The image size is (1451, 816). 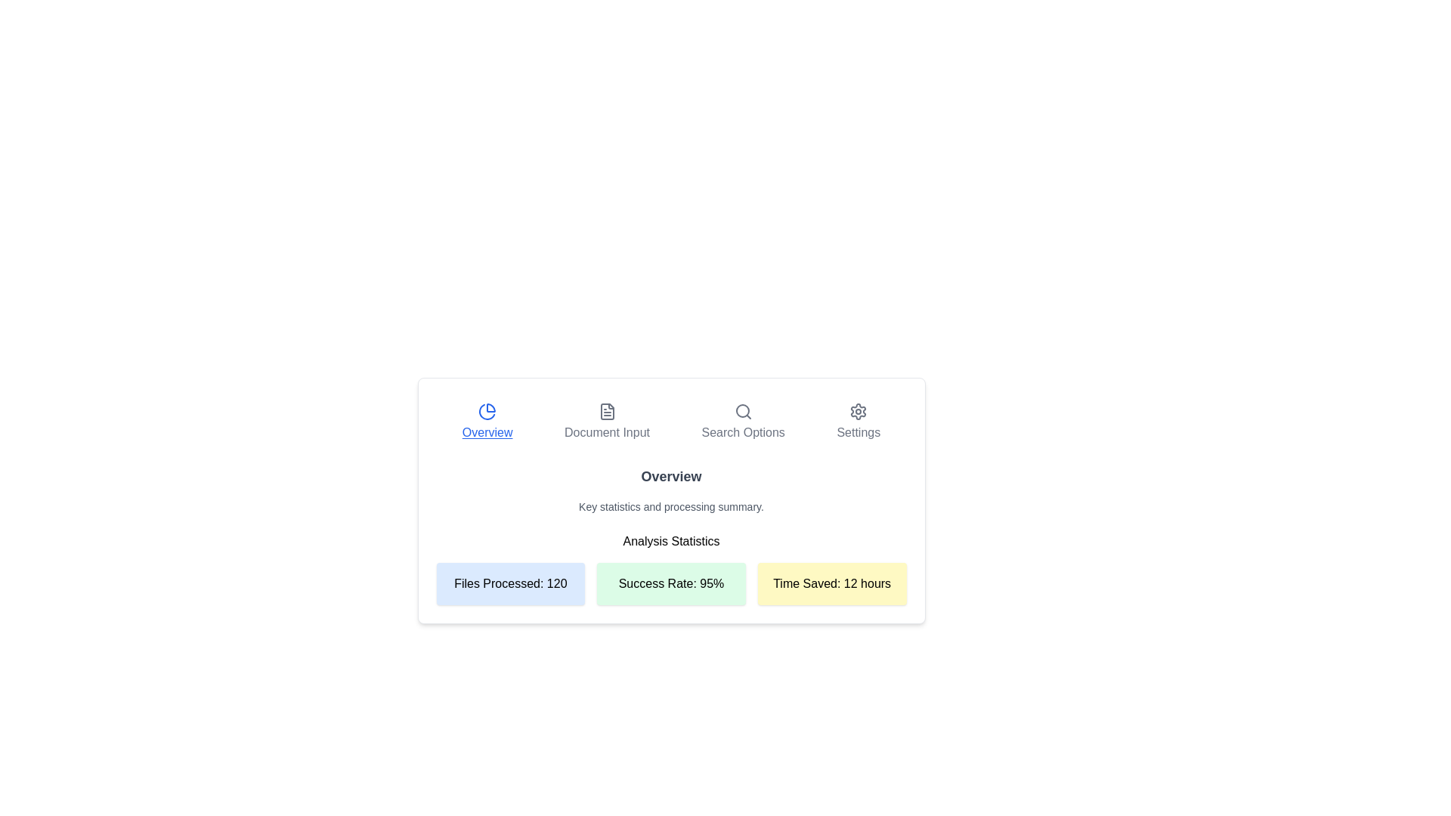 I want to click on the 'Search Options' button, which features a magnifying glass icon above the text, so click(x=743, y=422).